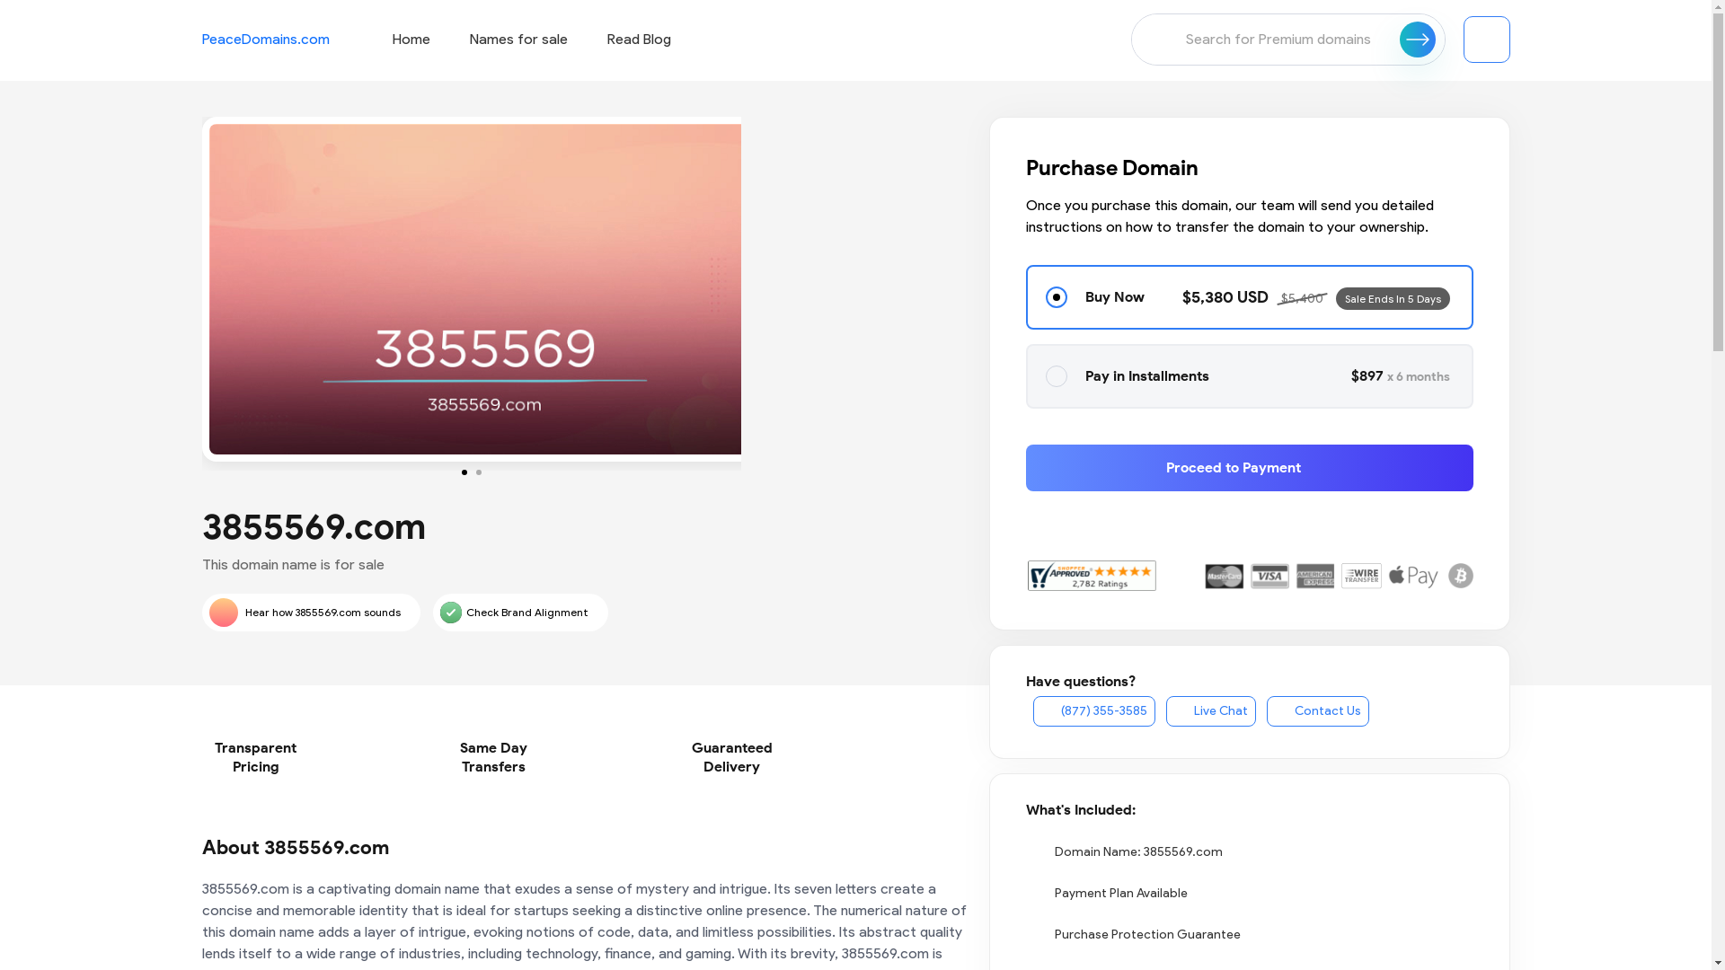 The width and height of the screenshot is (1725, 970). I want to click on 'Read Blog', so click(639, 39).